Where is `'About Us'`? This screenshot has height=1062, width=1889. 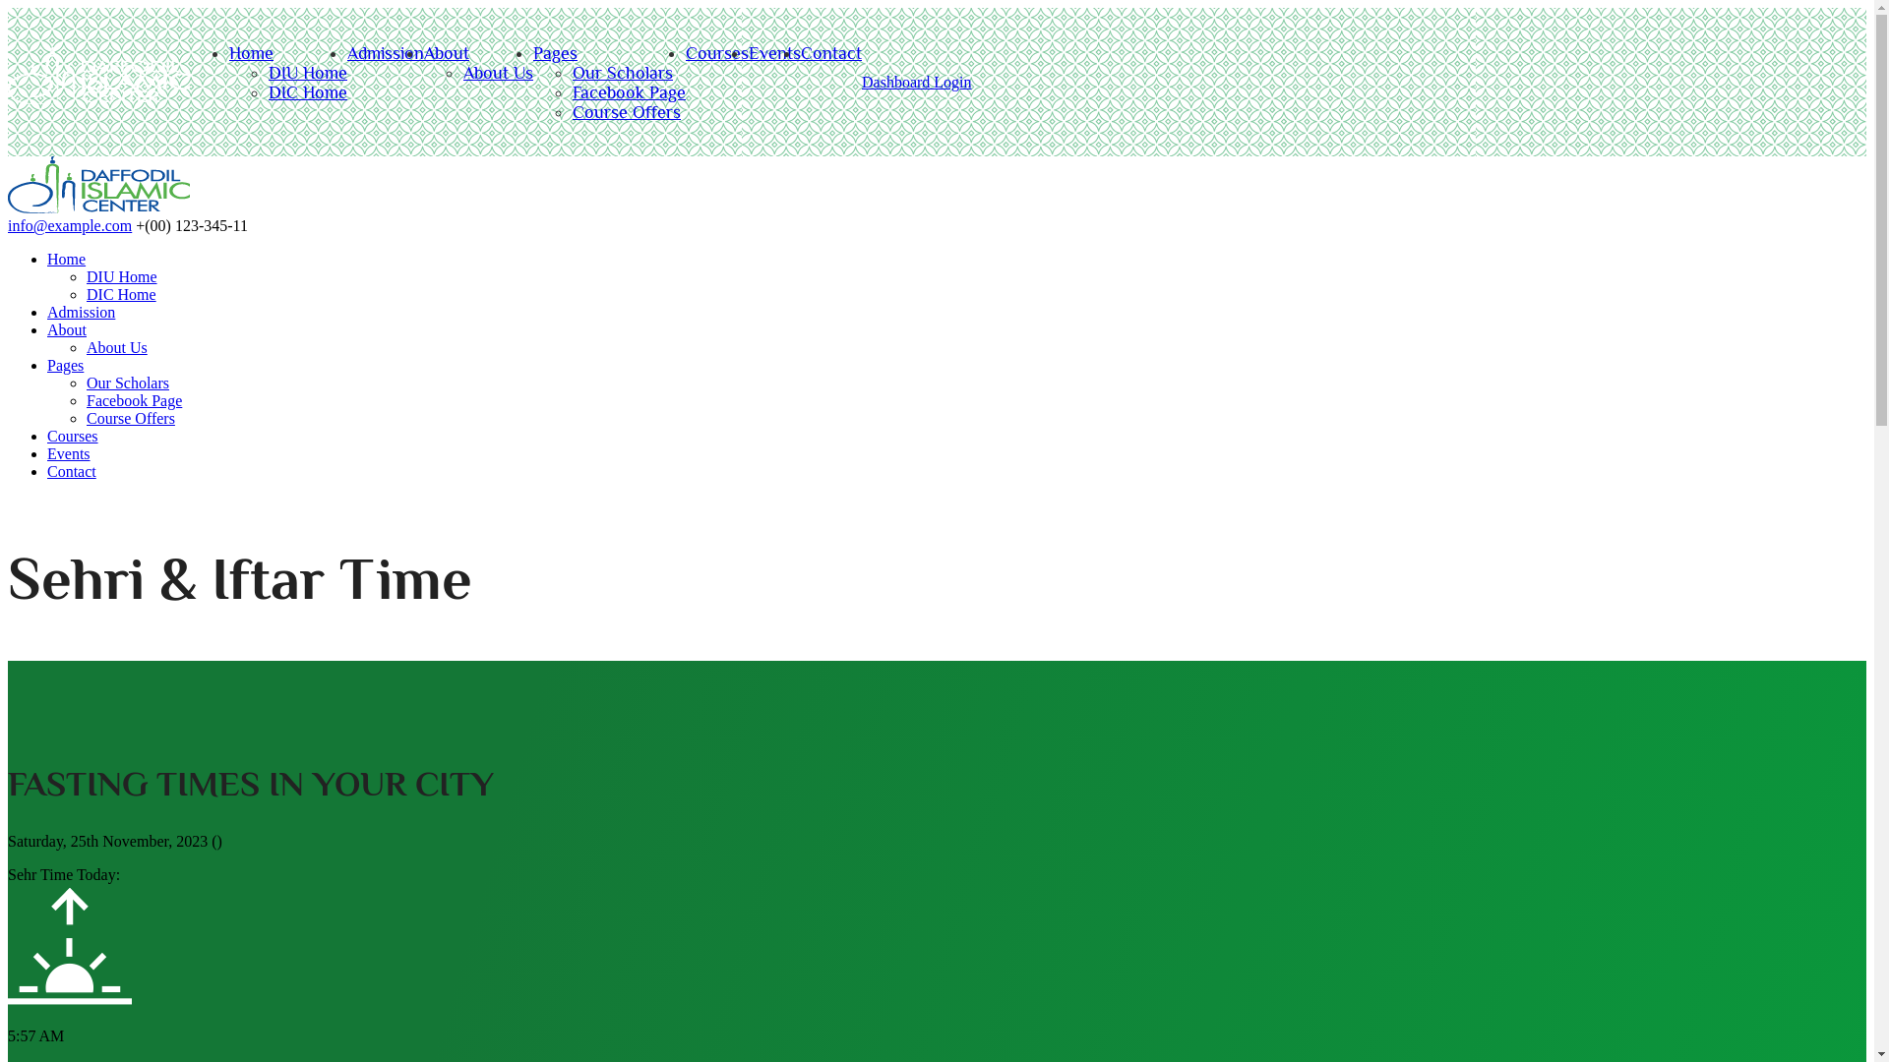 'About Us' is located at coordinates (116, 346).